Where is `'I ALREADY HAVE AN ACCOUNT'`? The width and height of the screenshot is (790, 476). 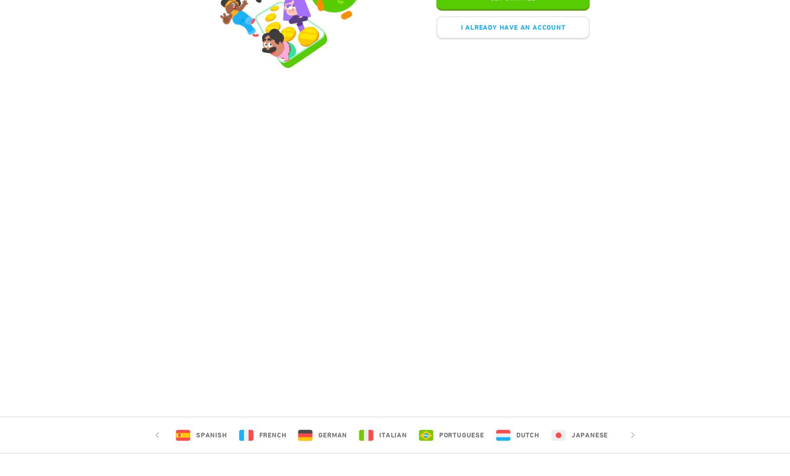
'I ALREADY HAVE AN ACCOUNT' is located at coordinates (460, 26).